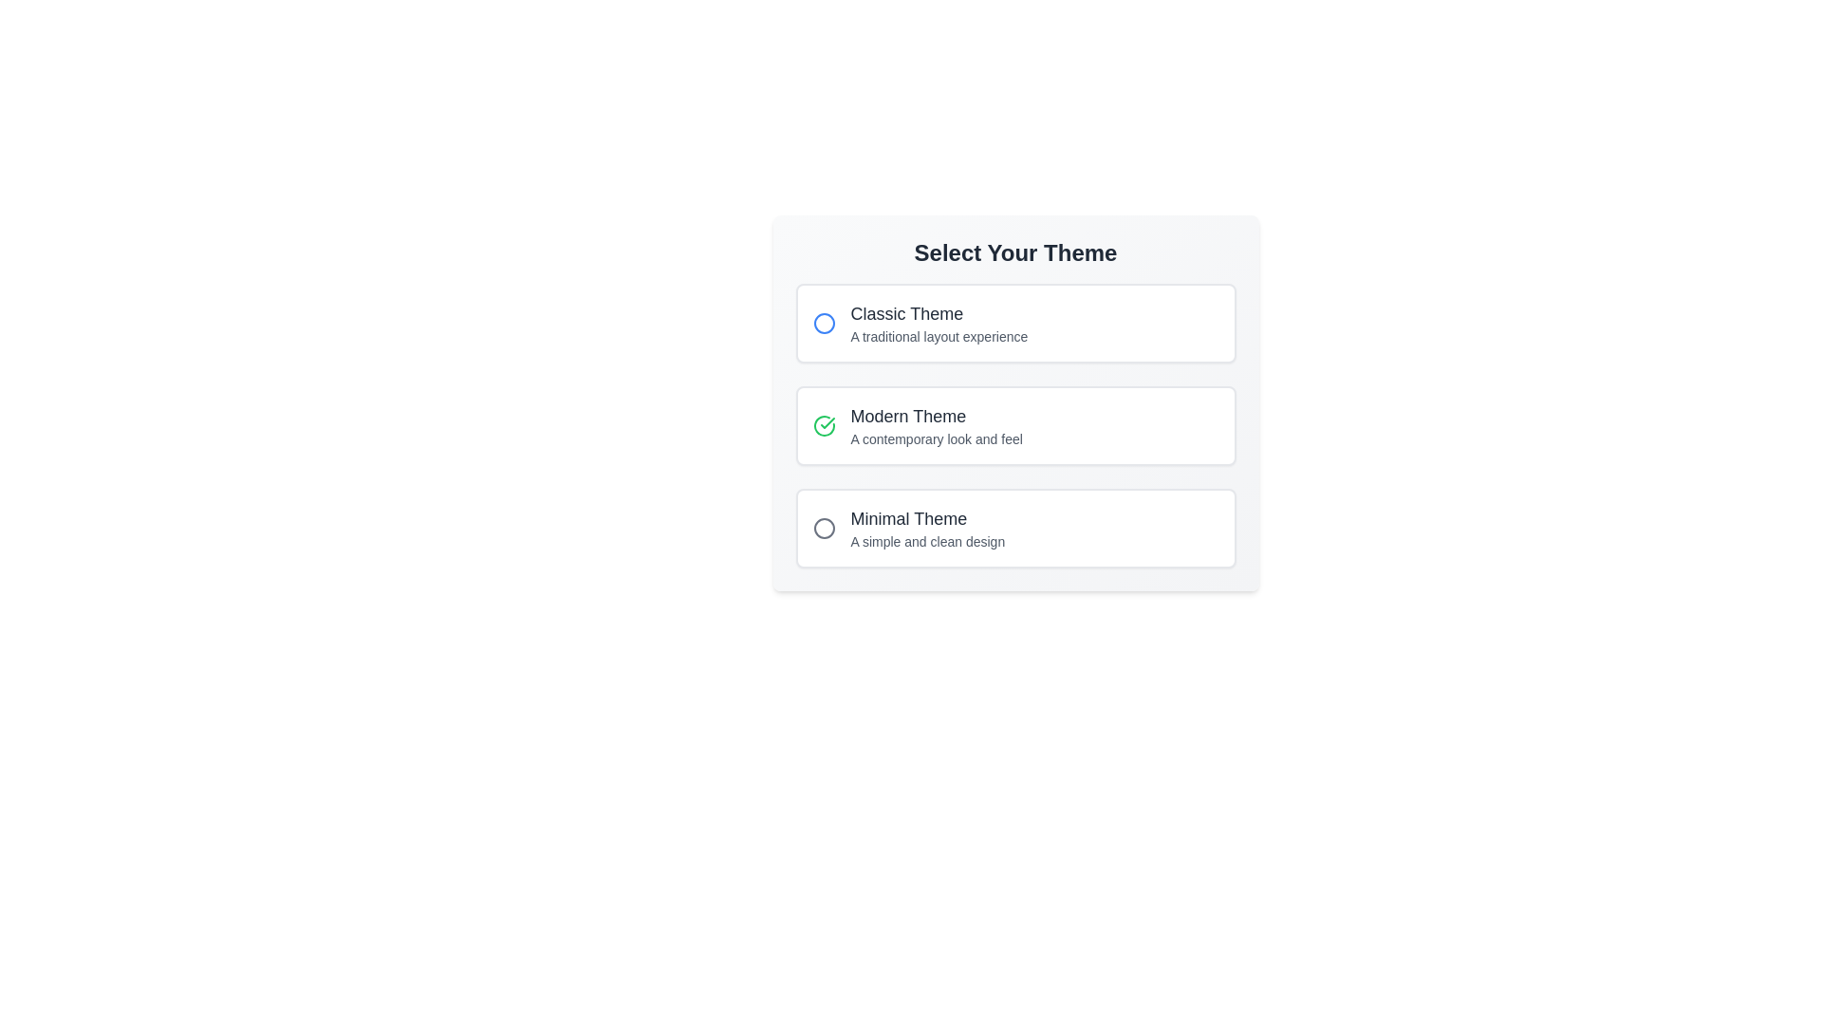 The height and width of the screenshot is (1025, 1822). I want to click on the descriptive text label for the 'Classic Theme' option located in the 'Select Your Theme' section of the interface, so click(939, 335).